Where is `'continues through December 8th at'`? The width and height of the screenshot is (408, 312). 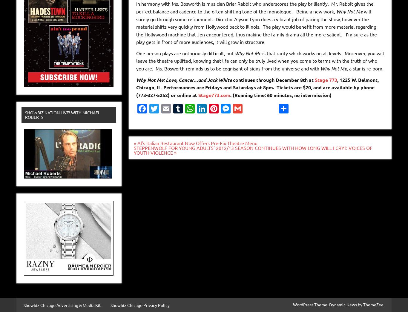 'continues through December 8th at' is located at coordinates (231, 79).